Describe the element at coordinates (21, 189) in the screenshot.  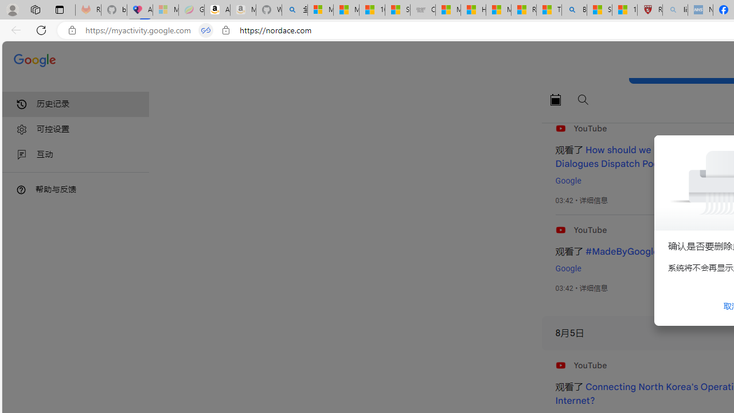
I see `'Class: DTiKkd NMm5M'` at that location.